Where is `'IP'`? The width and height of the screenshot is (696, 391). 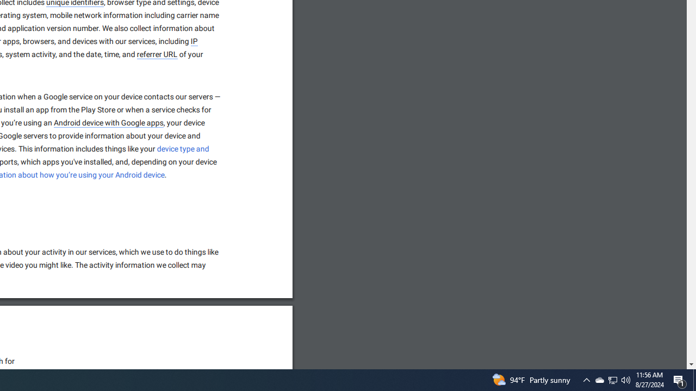 'IP' is located at coordinates (194, 41).